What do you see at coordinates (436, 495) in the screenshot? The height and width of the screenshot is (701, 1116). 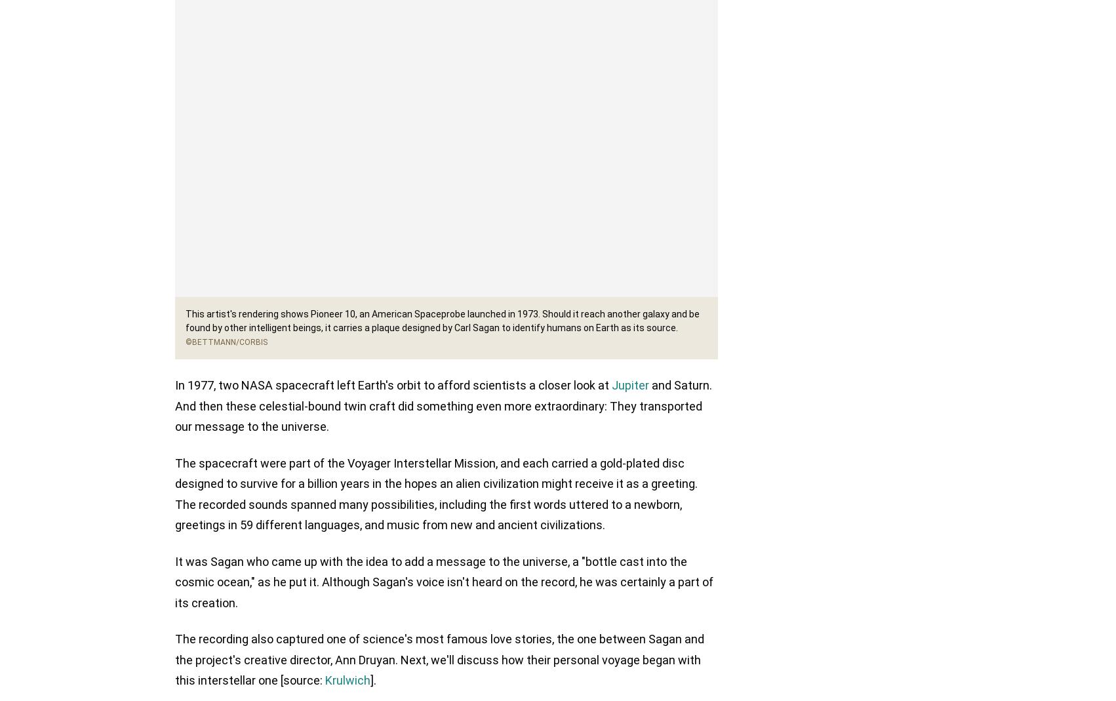 I see `'The spacecraft were part of the Voyager Interstellar Mission, and each carried a gold-plated disc designed to survive for a billion years in the hopes an alien civilization might receive it as a greeting. The recorded sounds spanned many possibilities, including the first words uttered to a newborn, greetings in 59 different languages, and music from new and ancient civilizations.'` at bounding box center [436, 495].